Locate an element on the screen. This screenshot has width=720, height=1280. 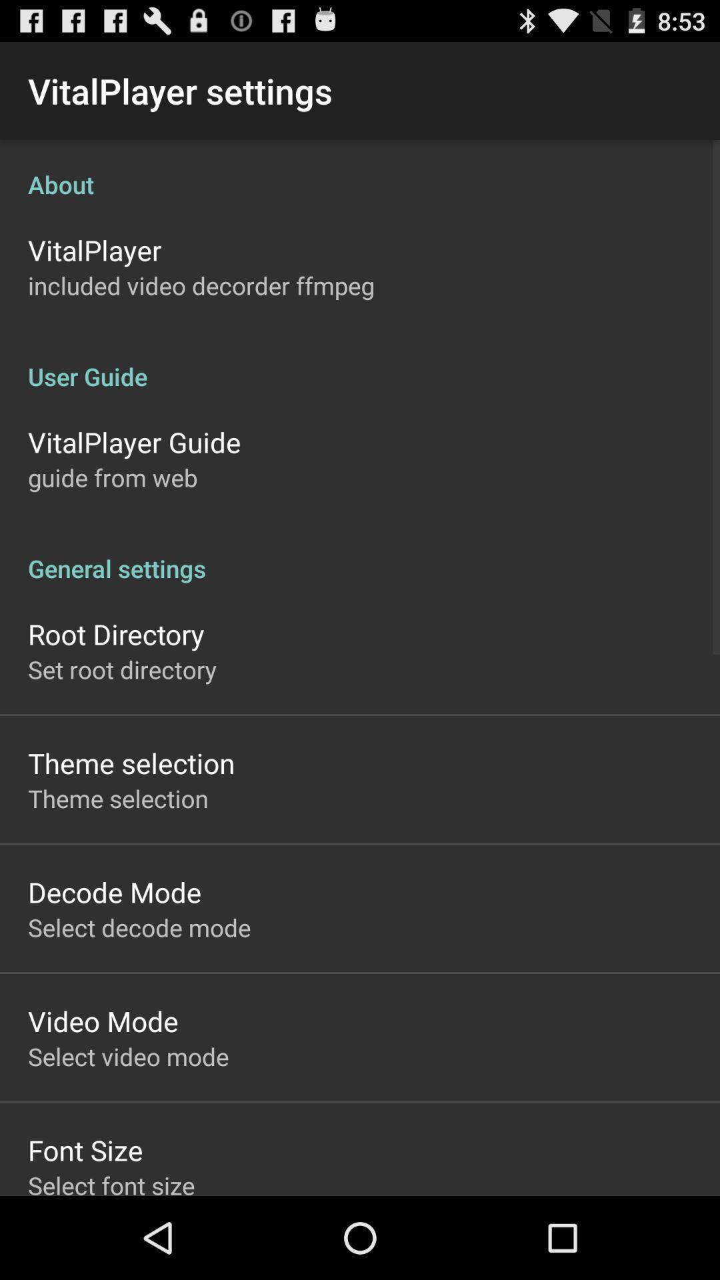
about is located at coordinates (360, 169).